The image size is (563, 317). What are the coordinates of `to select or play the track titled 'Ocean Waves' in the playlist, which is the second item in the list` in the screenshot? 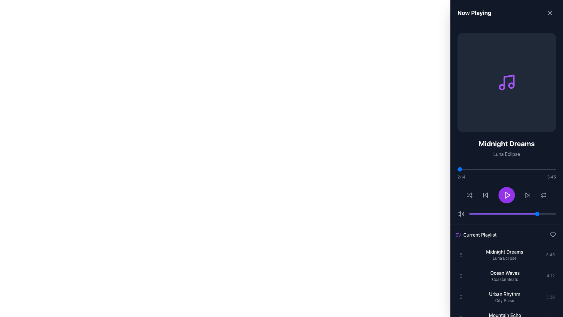 It's located at (506, 276).